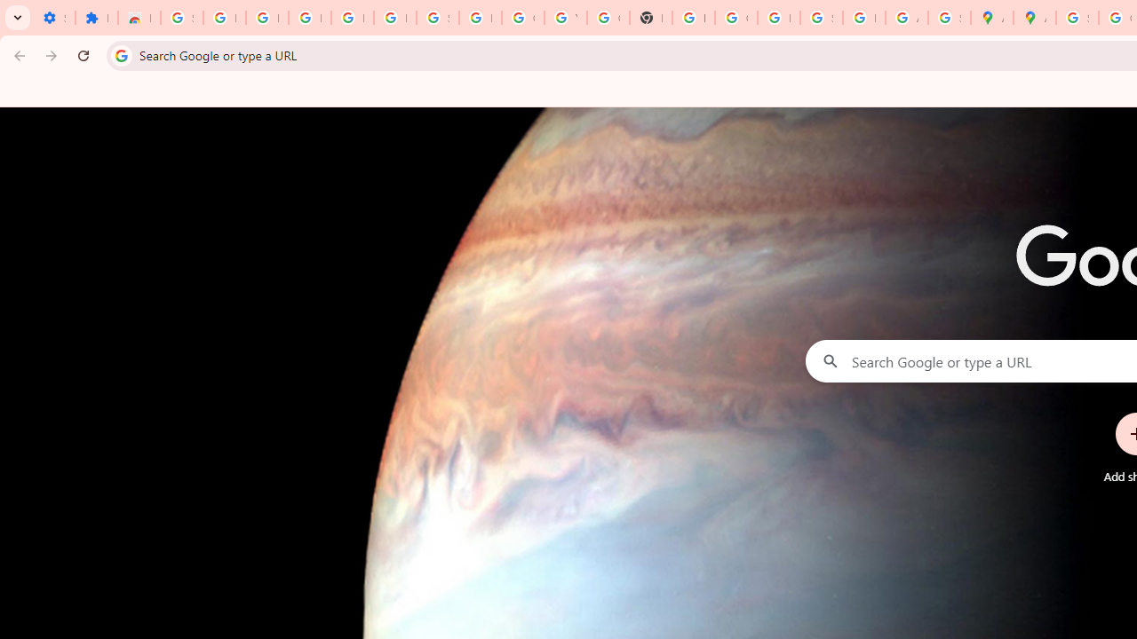  What do you see at coordinates (95, 18) in the screenshot?
I see `'Extensions'` at bounding box center [95, 18].